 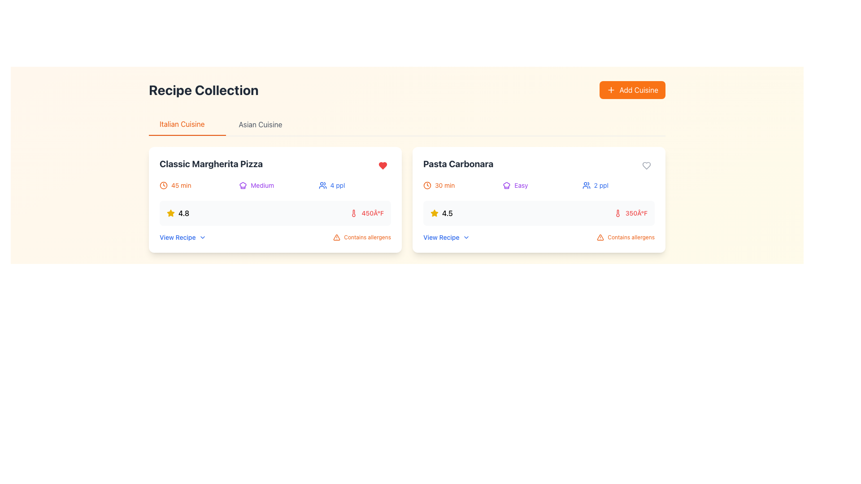 What do you see at coordinates (466, 237) in the screenshot?
I see `the downward-pointing chevron icon located to the right of the 'View Recipe' text in the 'Pasta Carbonara' card` at bounding box center [466, 237].